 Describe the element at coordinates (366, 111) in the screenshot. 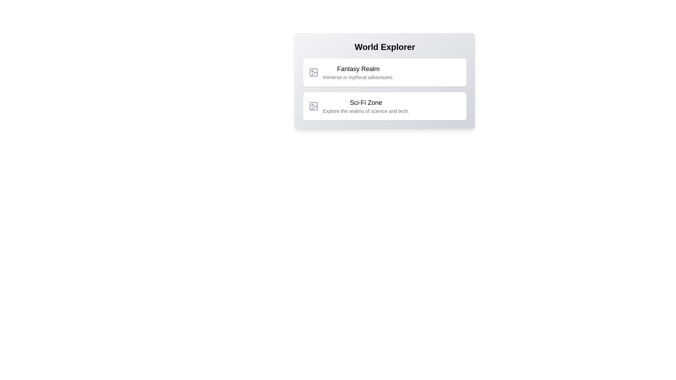

I see `the text label element that reads 'Explore the realms of science and tech.', which is positioned directly below the 'Sci-Fi Zone' title within the second card of a vertical stack` at that location.